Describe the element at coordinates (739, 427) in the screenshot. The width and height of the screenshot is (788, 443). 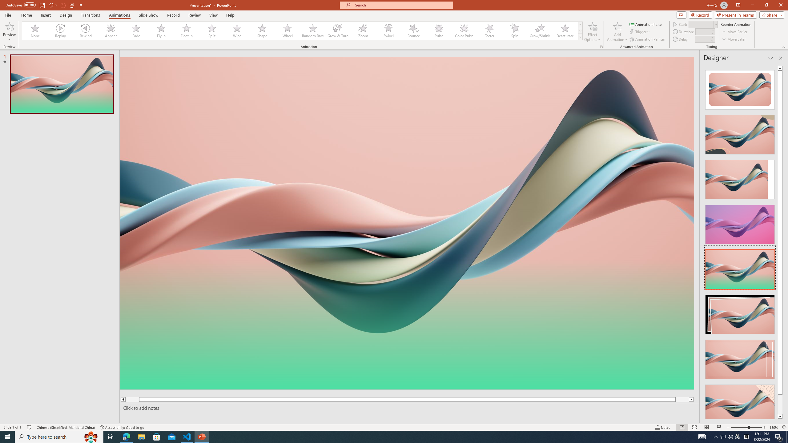
I see `'Zoom Out'` at that location.